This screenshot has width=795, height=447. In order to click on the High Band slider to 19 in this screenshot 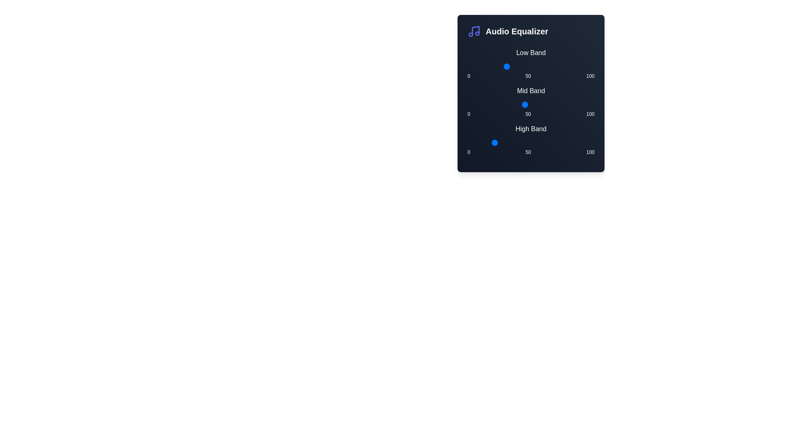, I will do `click(491, 142)`.